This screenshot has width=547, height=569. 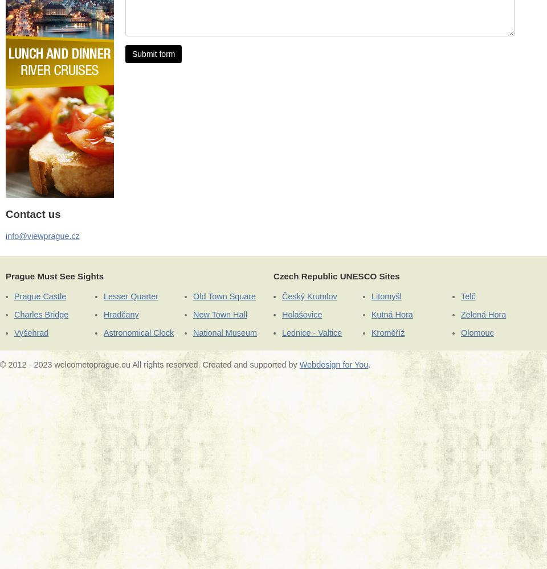 What do you see at coordinates (223, 296) in the screenshot?
I see `'Old Town Square'` at bounding box center [223, 296].